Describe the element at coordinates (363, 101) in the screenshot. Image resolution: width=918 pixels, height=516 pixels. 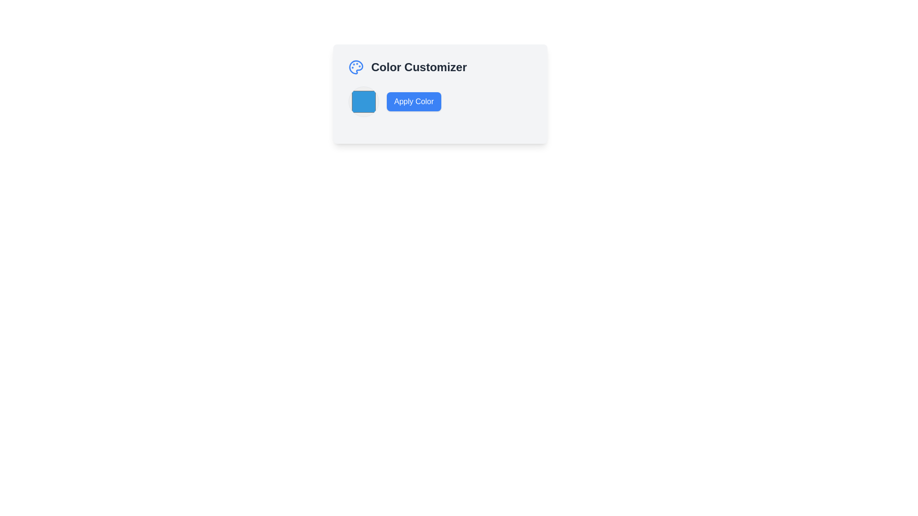
I see `the Color Selector element` at that location.